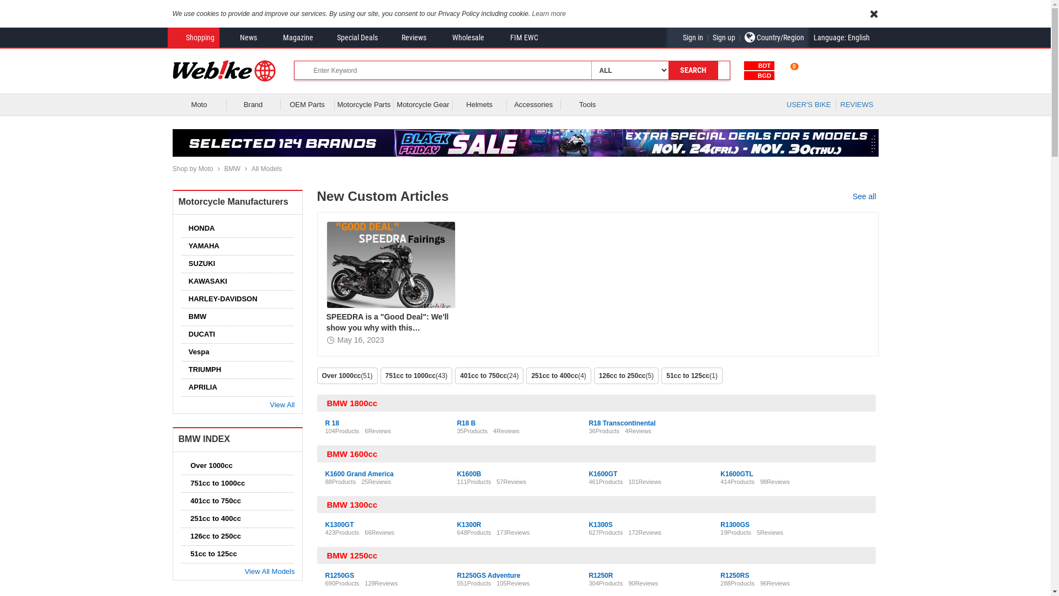 The image size is (1059, 596). Describe the element at coordinates (512, 582) in the screenshot. I see `'105Reviews'` at that location.